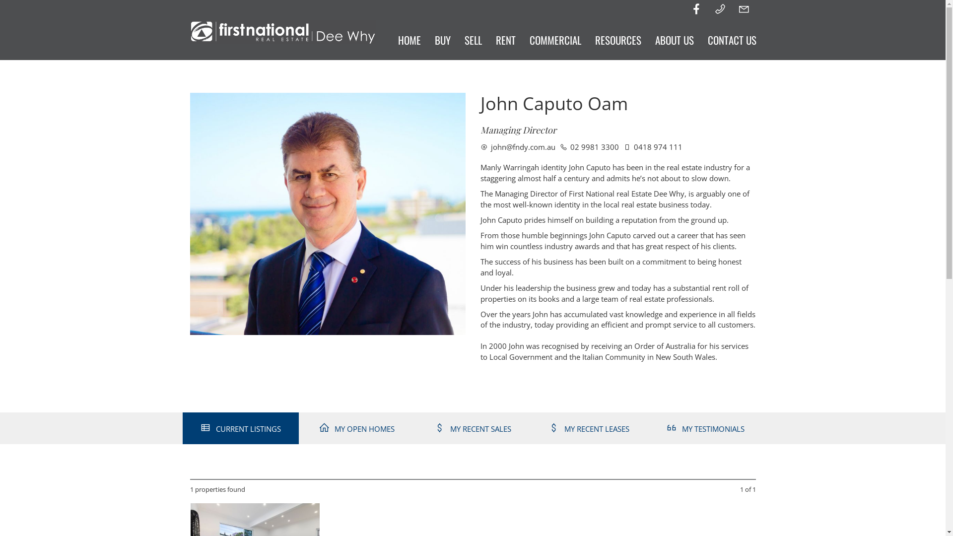 The height and width of the screenshot is (536, 953). Describe the element at coordinates (409, 40) in the screenshot. I see `'HOME'` at that location.